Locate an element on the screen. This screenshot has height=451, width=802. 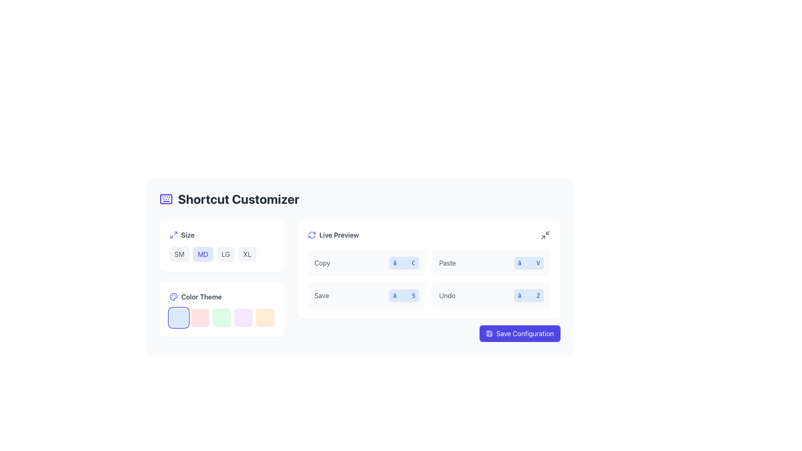
the save icon located to the left of the 'Save Configuration' button, which visually represents the action of saving data related to configurations is located at coordinates (490, 333).